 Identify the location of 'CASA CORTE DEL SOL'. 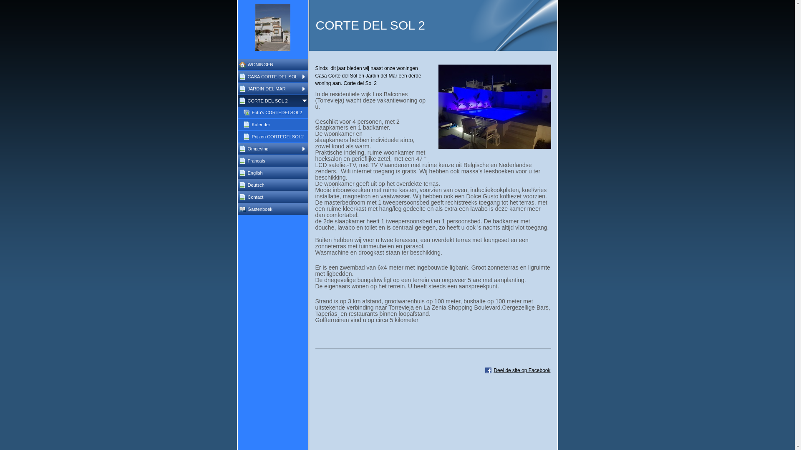
(237, 77).